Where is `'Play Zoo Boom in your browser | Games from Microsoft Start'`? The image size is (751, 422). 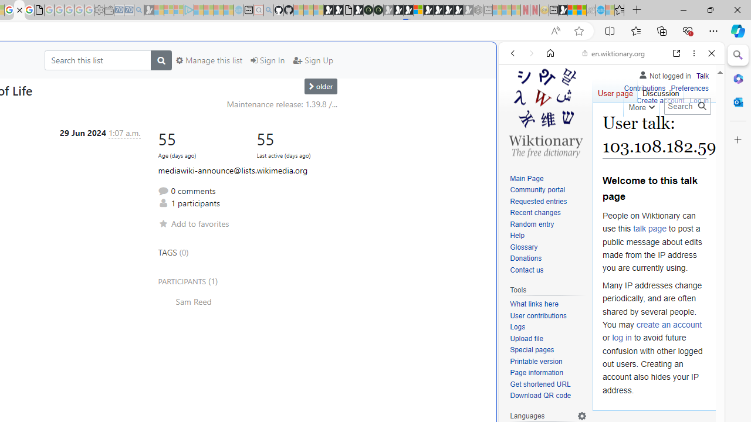
'Play Zoo Boom in your browser | Games from Microsoft Start' is located at coordinates (338, 10).